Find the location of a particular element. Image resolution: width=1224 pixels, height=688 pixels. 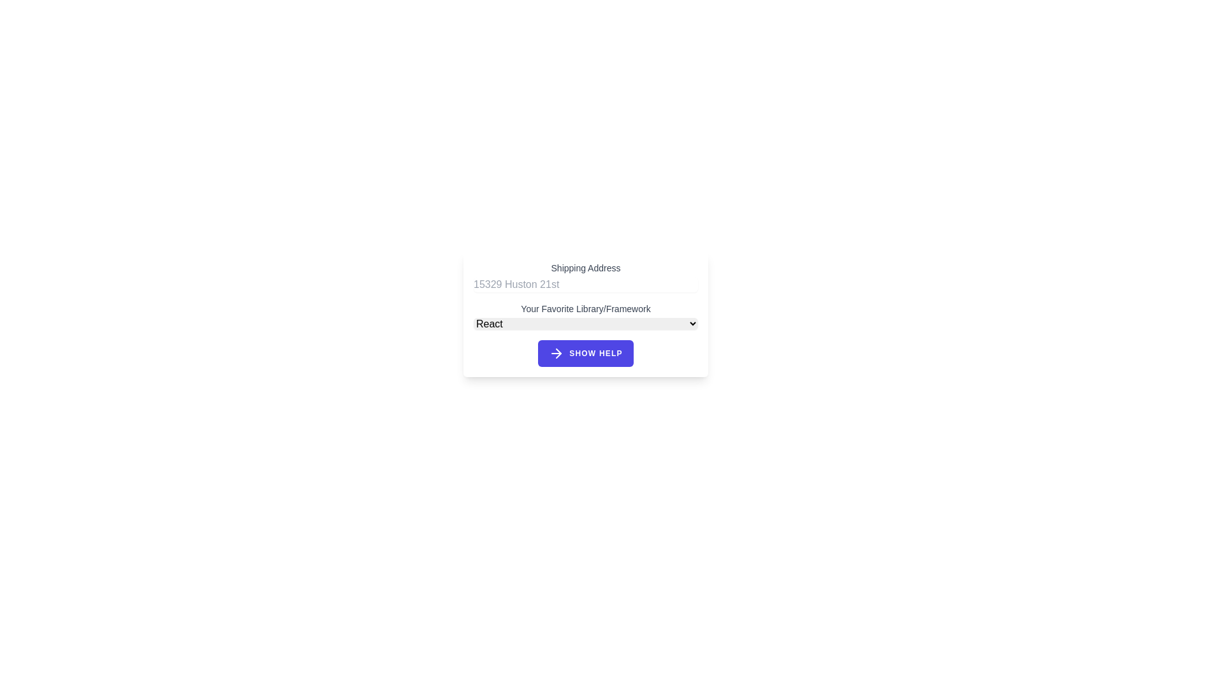

the text label displaying 'Your Favorite Library/Framework', which is styled in a medium-sized gray font and positioned above the dropdown menu for 'React' is located at coordinates (585, 309).